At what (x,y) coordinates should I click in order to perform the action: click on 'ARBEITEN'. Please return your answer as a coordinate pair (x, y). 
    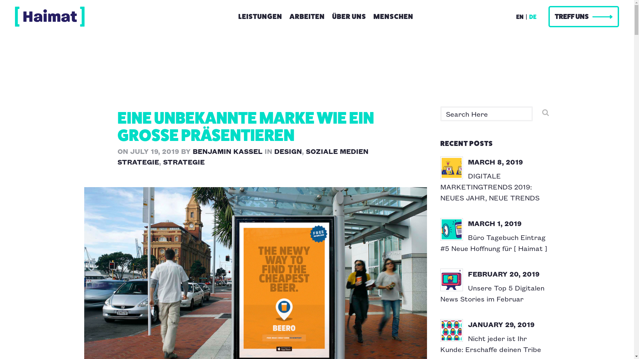
    Looking at the image, I should click on (307, 11).